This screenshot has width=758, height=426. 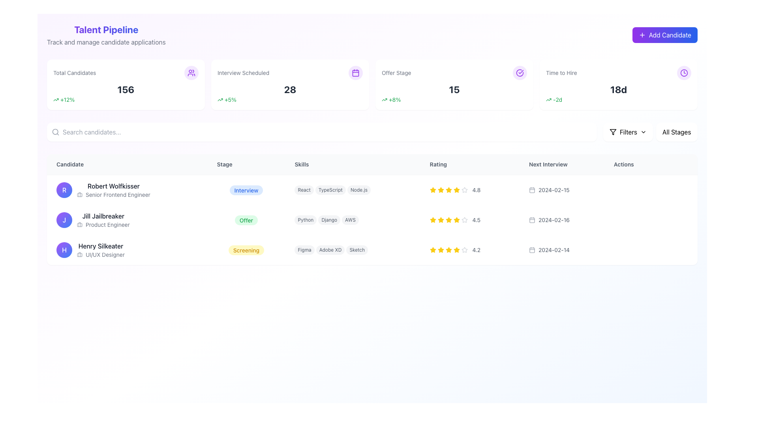 What do you see at coordinates (329, 220) in the screenshot?
I see `the 'Django' badge, which is the middle badge in the horizontal sequence of three badges under the 'Skills' column labeled 'Jill Jailbreaker'` at bounding box center [329, 220].